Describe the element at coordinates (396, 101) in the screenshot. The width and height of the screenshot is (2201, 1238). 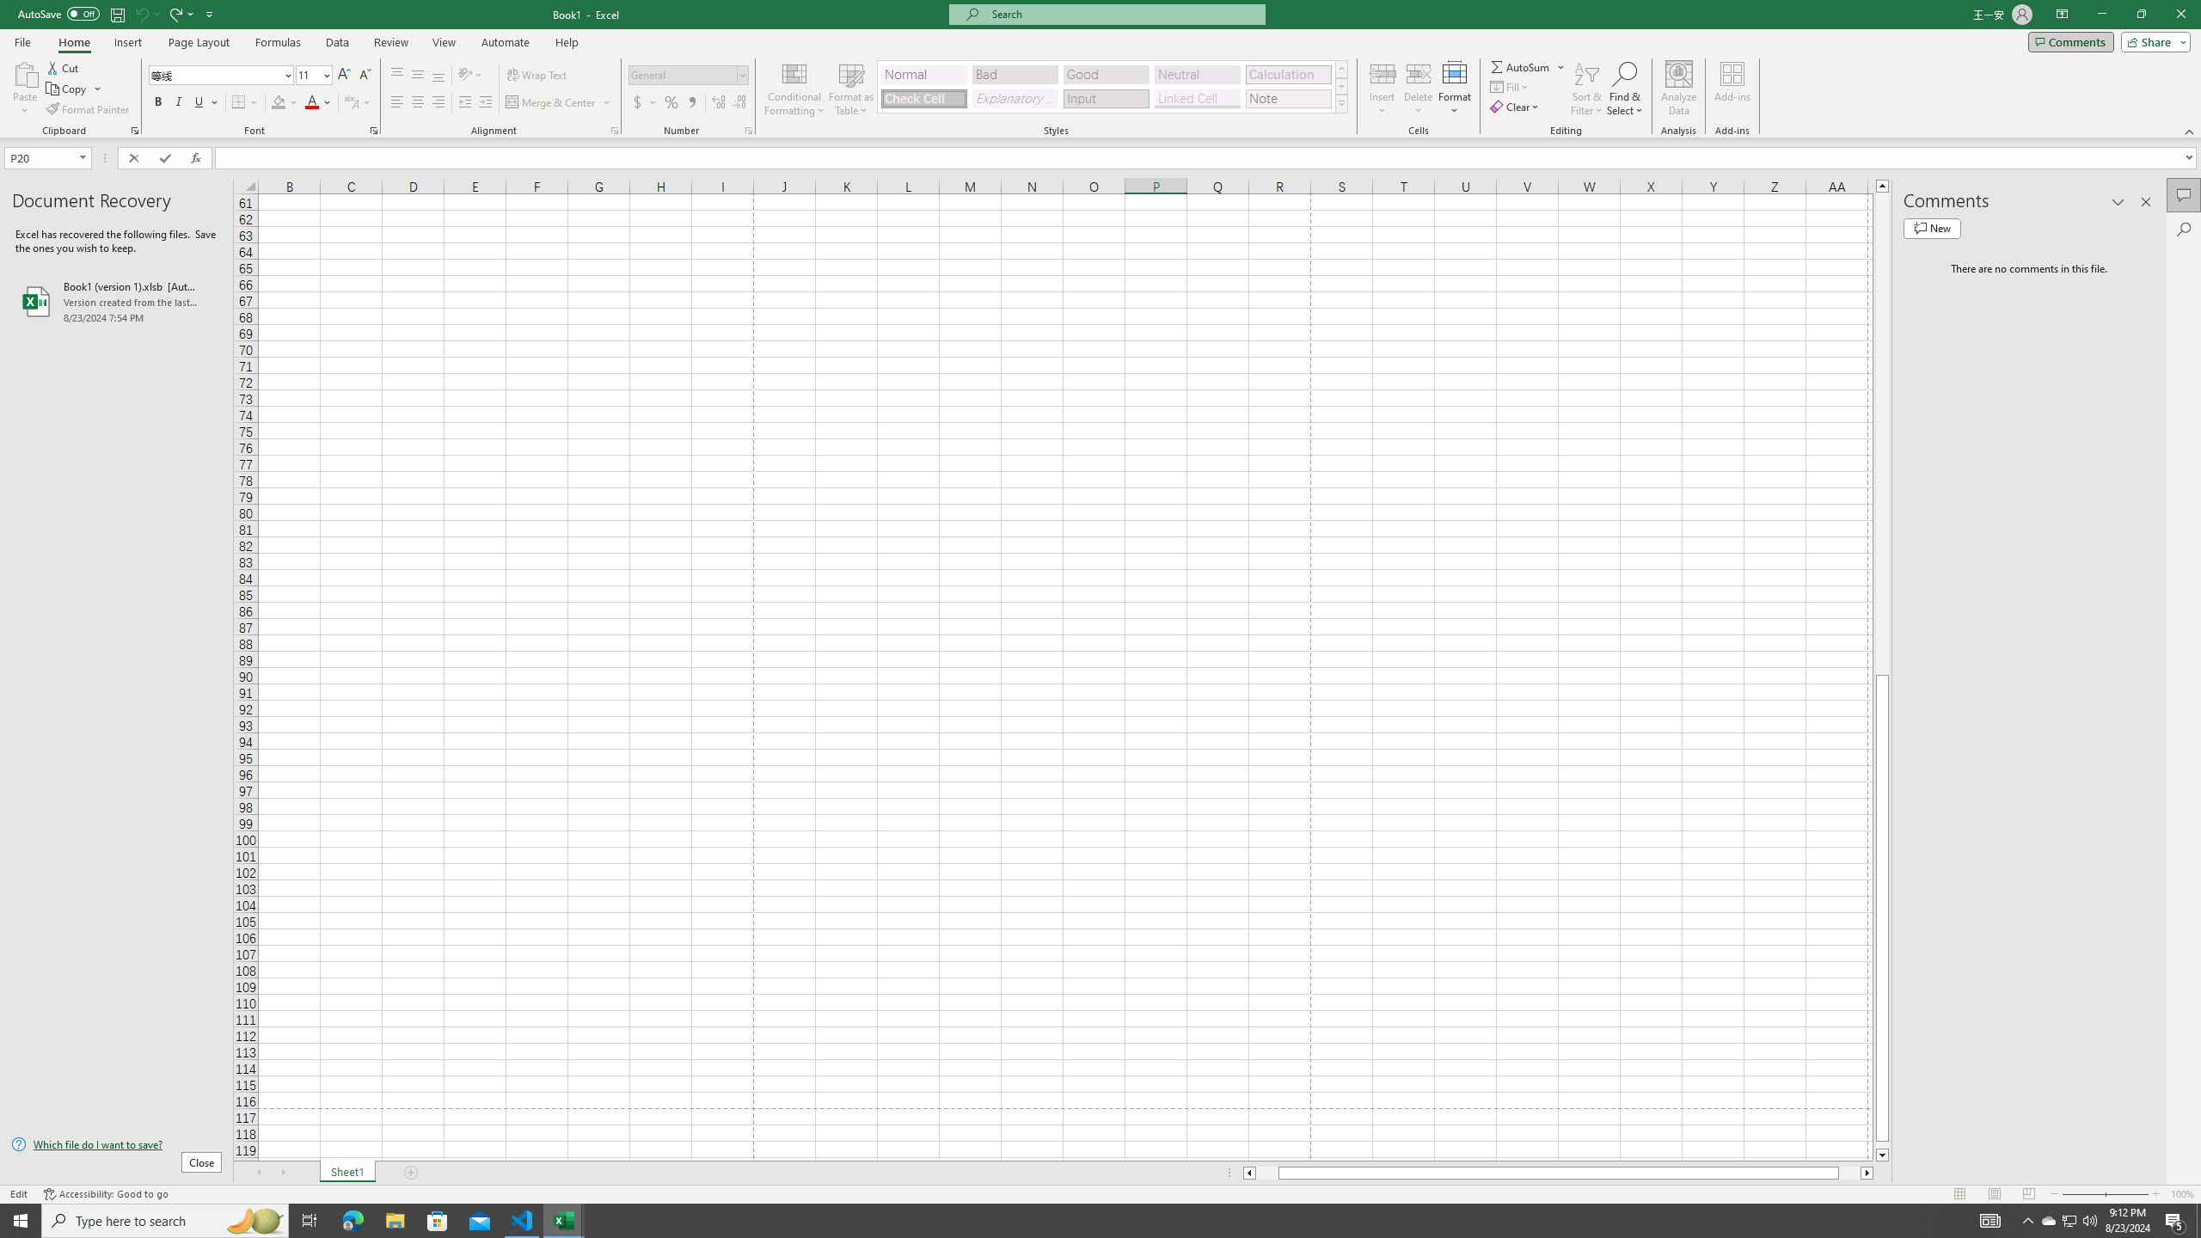
I see `'Align Left'` at that location.